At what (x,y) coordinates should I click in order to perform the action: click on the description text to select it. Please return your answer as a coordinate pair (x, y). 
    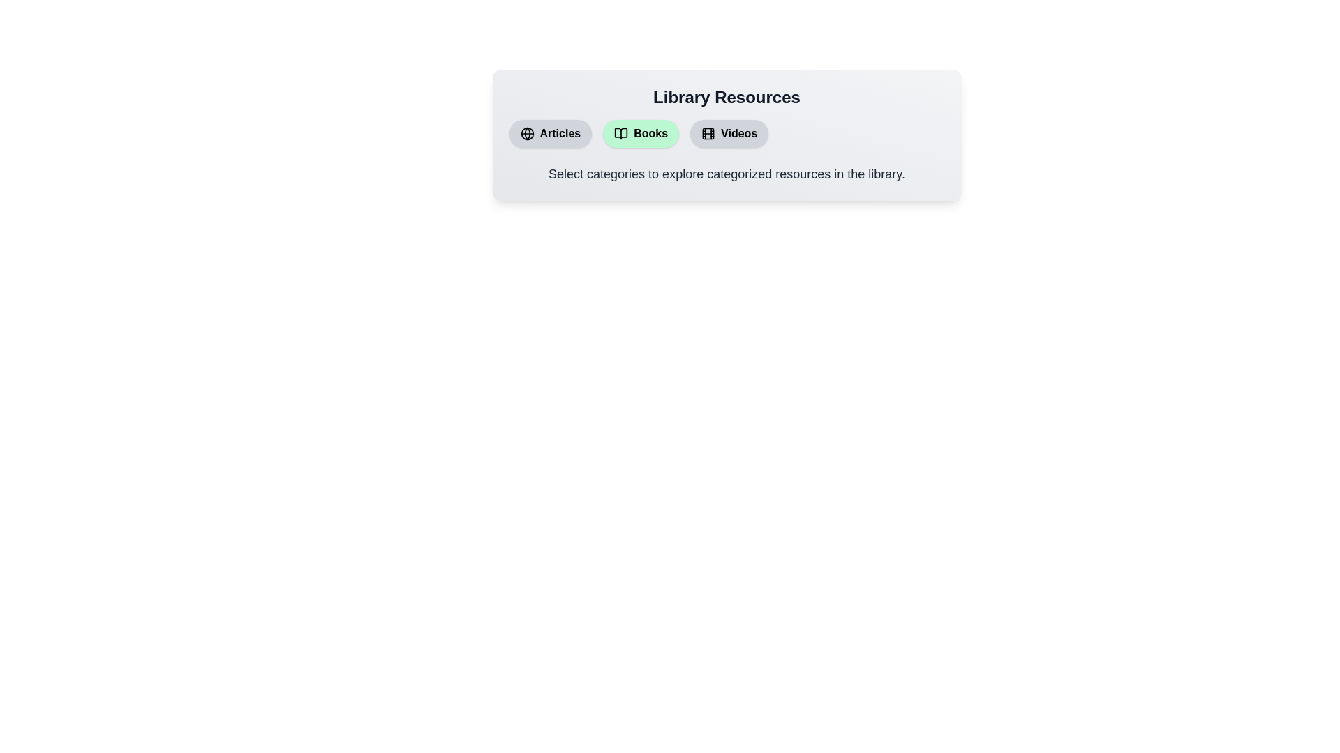
    Looking at the image, I should click on (726, 174).